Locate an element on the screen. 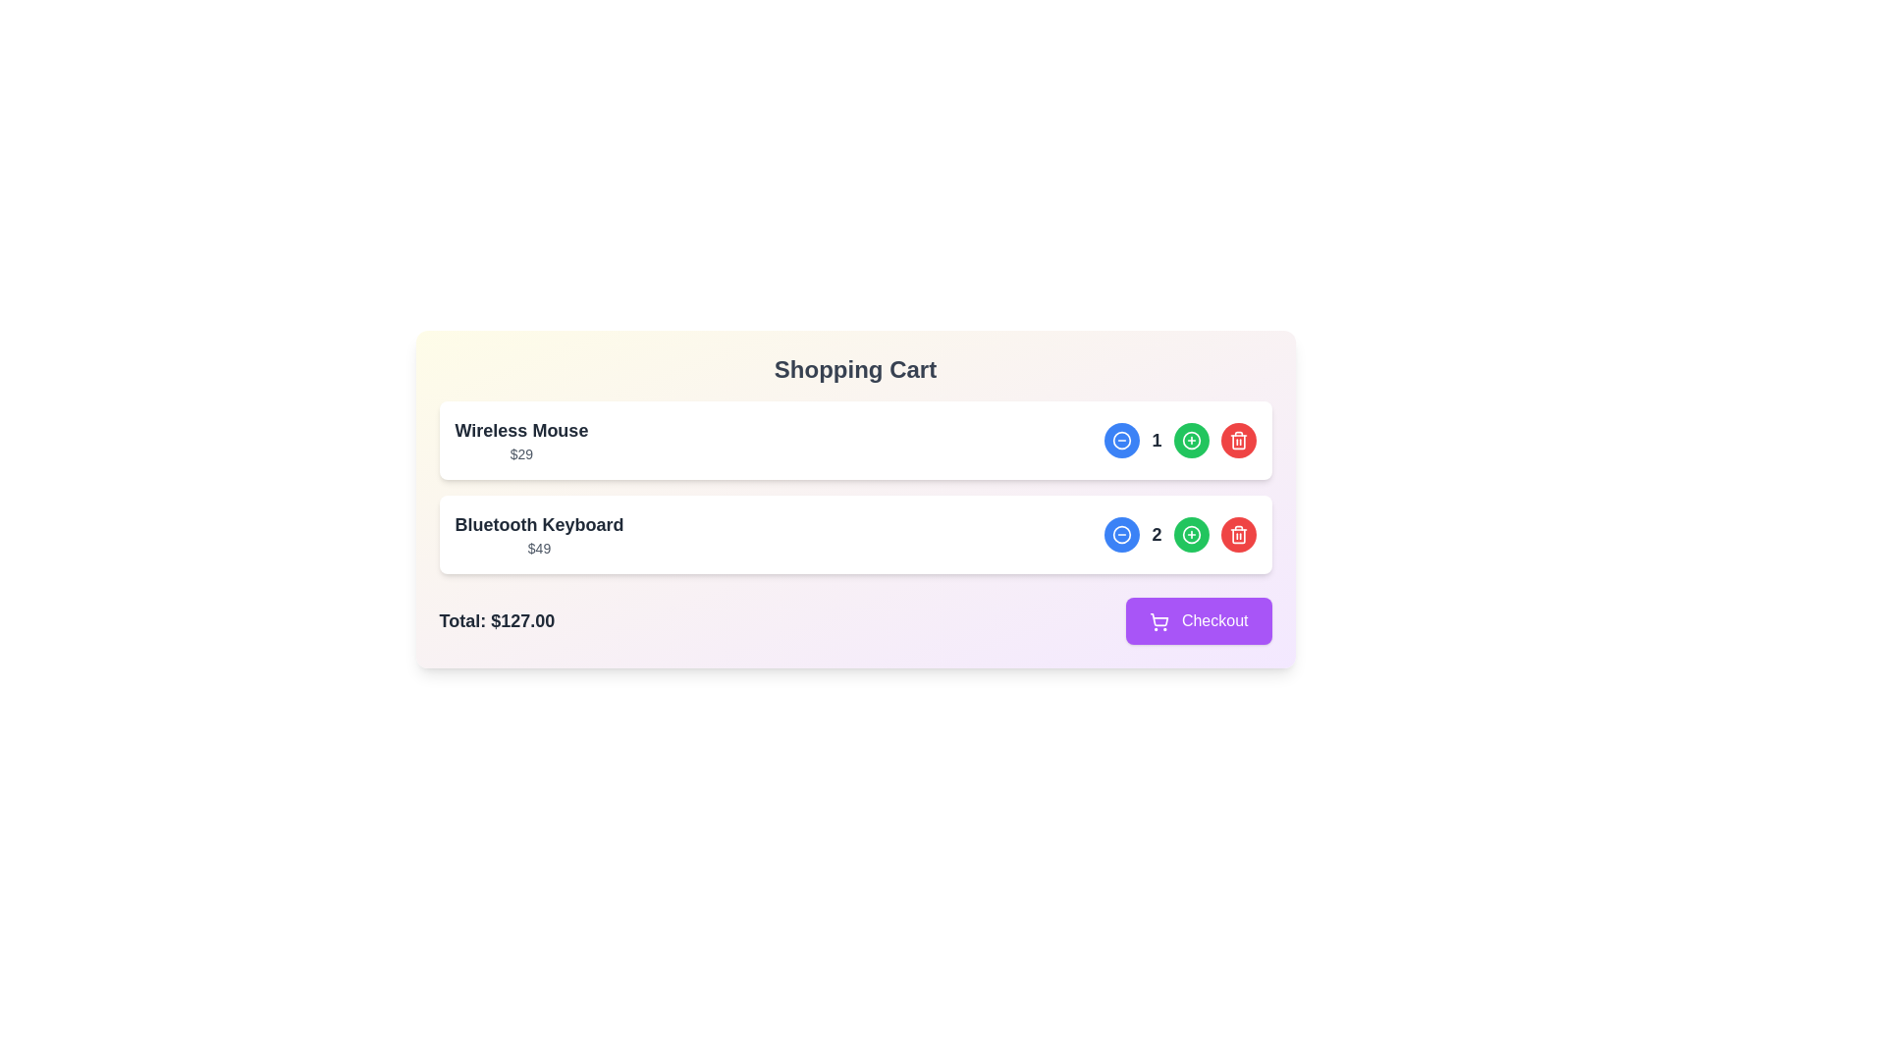 This screenshot has height=1060, width=1885. the second green circular button to the right of the item quantity (number 2) for the 'Bluetooth Keyboard' product in the shopping cart interface to increase the quantity is located at coordinates (1190, 534).